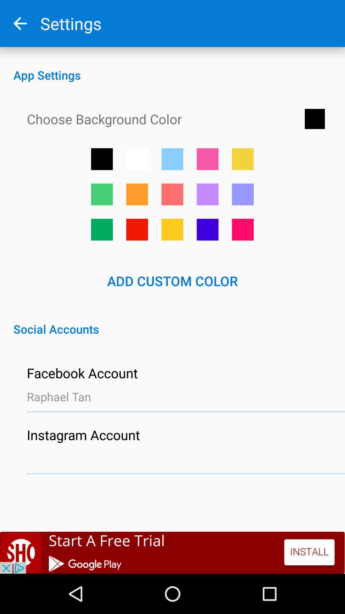  Describe the element at coordinates (207, 230) in the screenshot. I see `dark blue` at that location.